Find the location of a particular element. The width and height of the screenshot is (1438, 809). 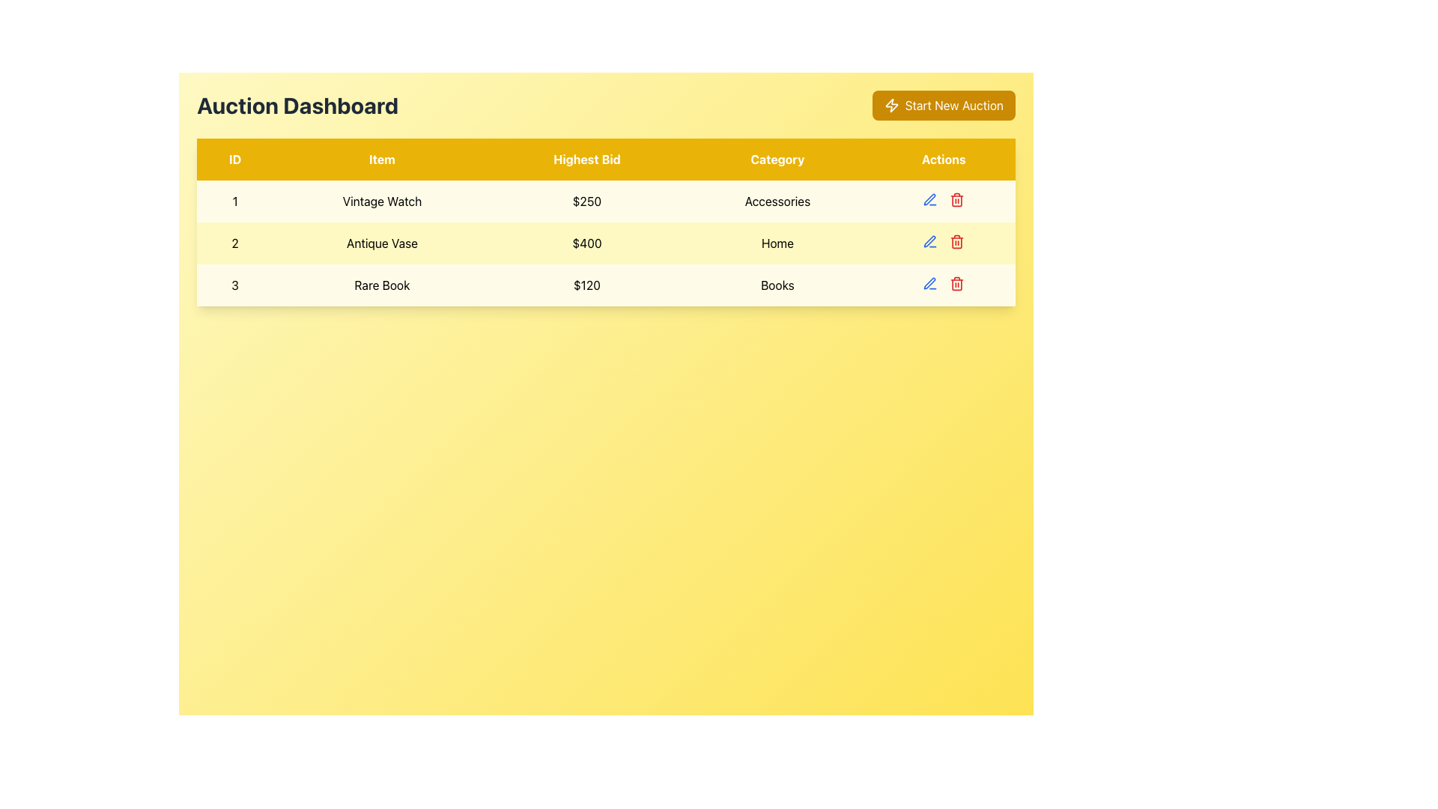

the Static Text element displaying the digit '3' located in the first column of the third row under the 'ID' column header, aligned with the 'Rare Book' entry is located at coordinates (234, 285).